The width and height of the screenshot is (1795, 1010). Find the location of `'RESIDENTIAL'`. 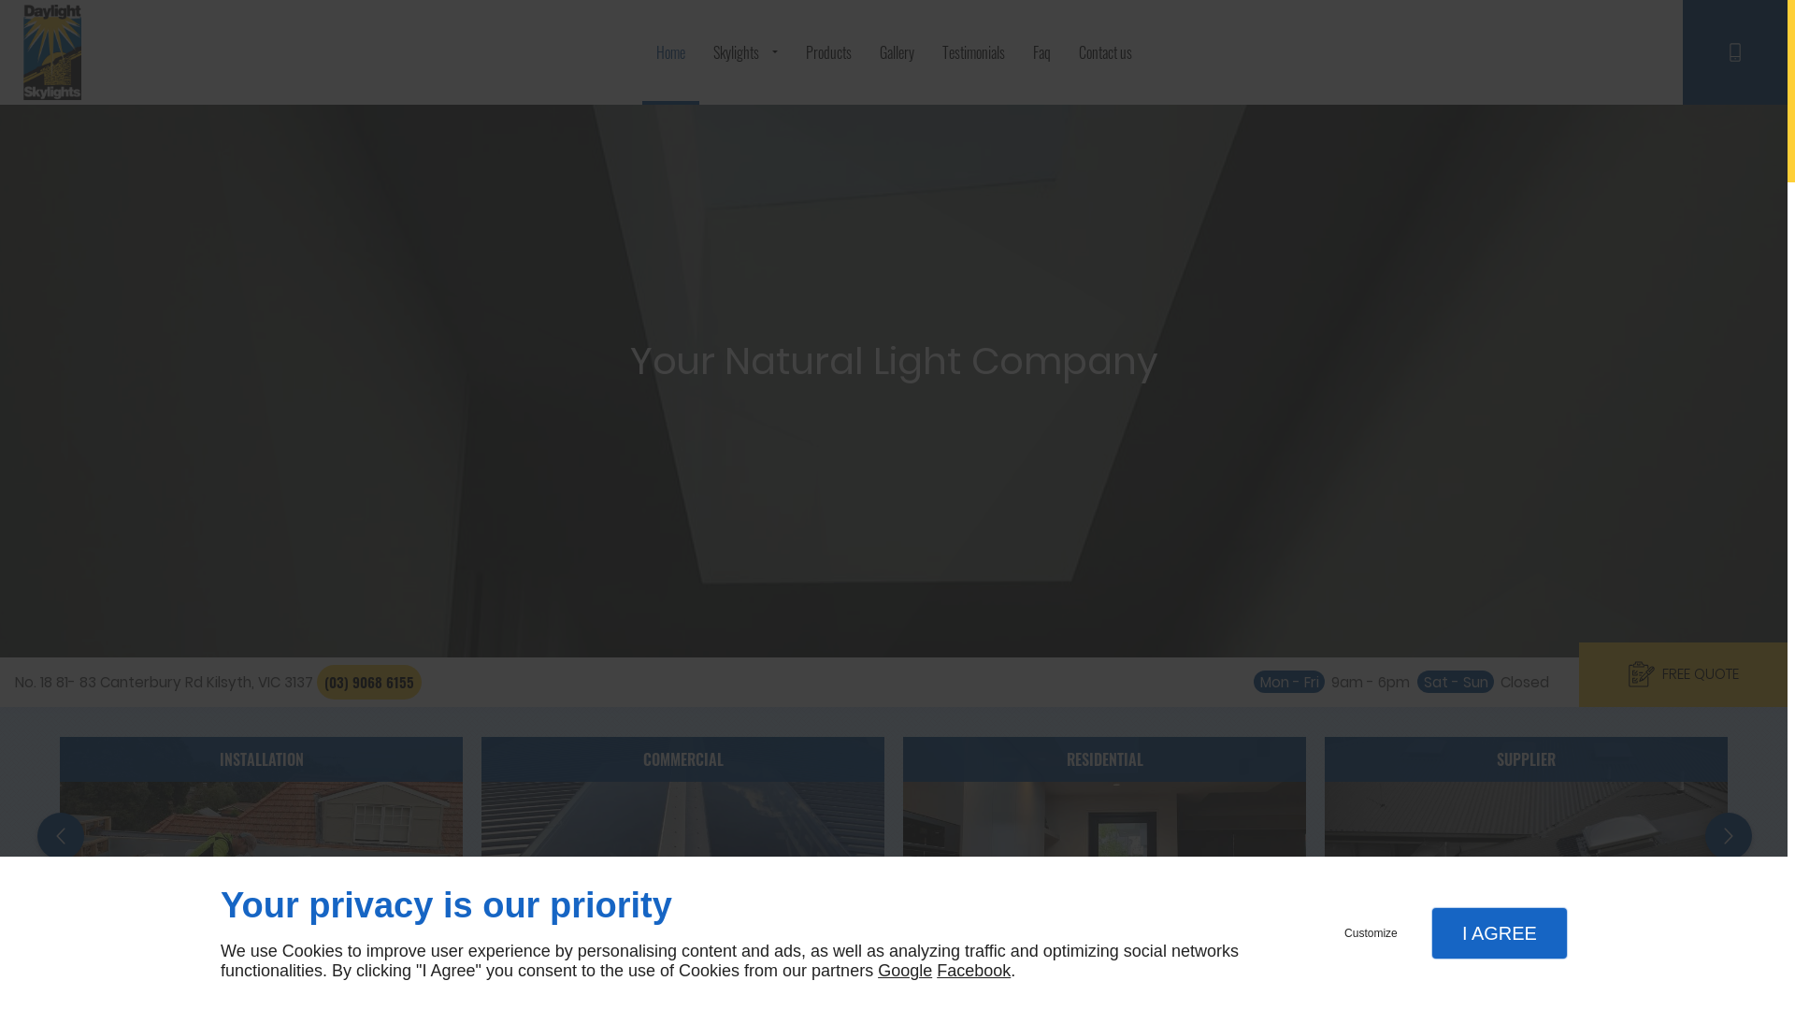

'RESIDENTIAL' is located at coordinates (1105, 840).